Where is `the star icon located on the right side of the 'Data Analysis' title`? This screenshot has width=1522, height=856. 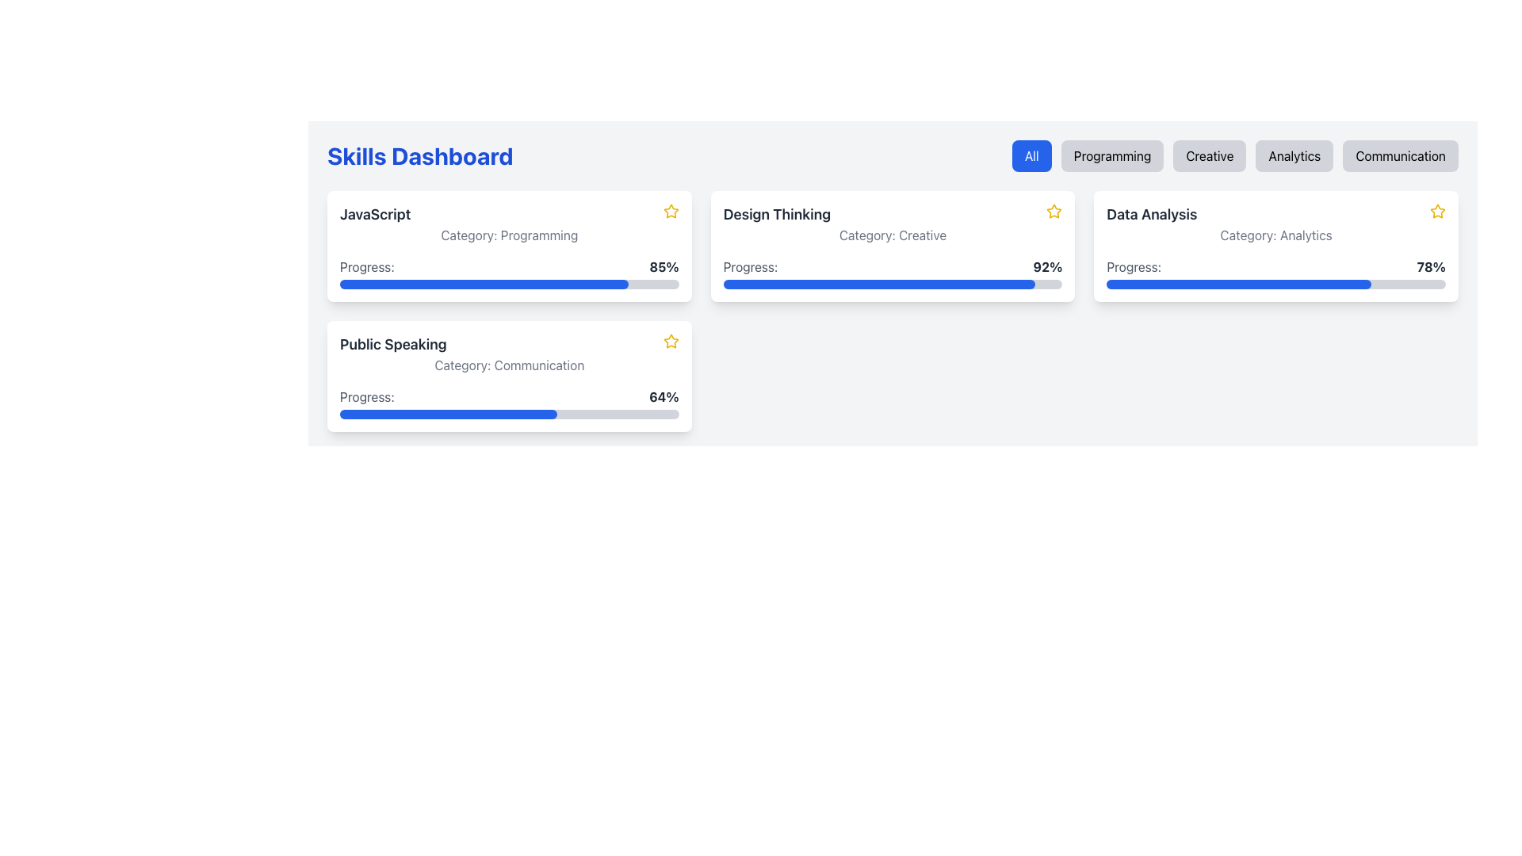 the star icon located on the right side of the 'Data Analysis' title is located at coordinates (1438, 210).